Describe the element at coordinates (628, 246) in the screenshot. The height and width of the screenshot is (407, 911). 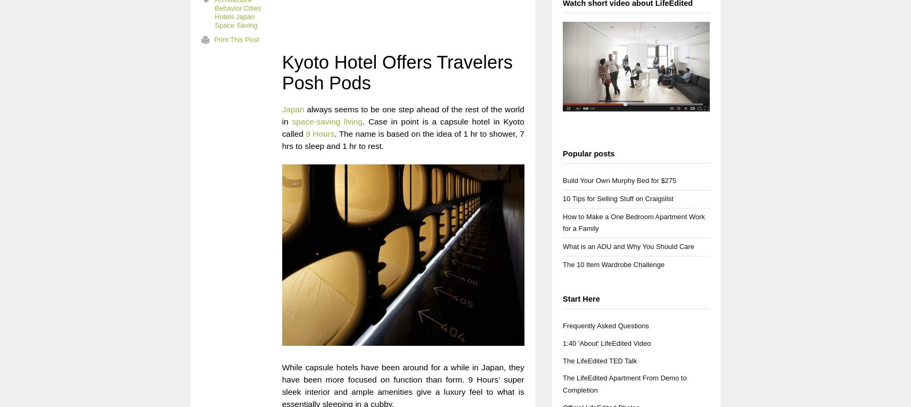
I see `'What is an ADU and Why You Should Care'` at that location.